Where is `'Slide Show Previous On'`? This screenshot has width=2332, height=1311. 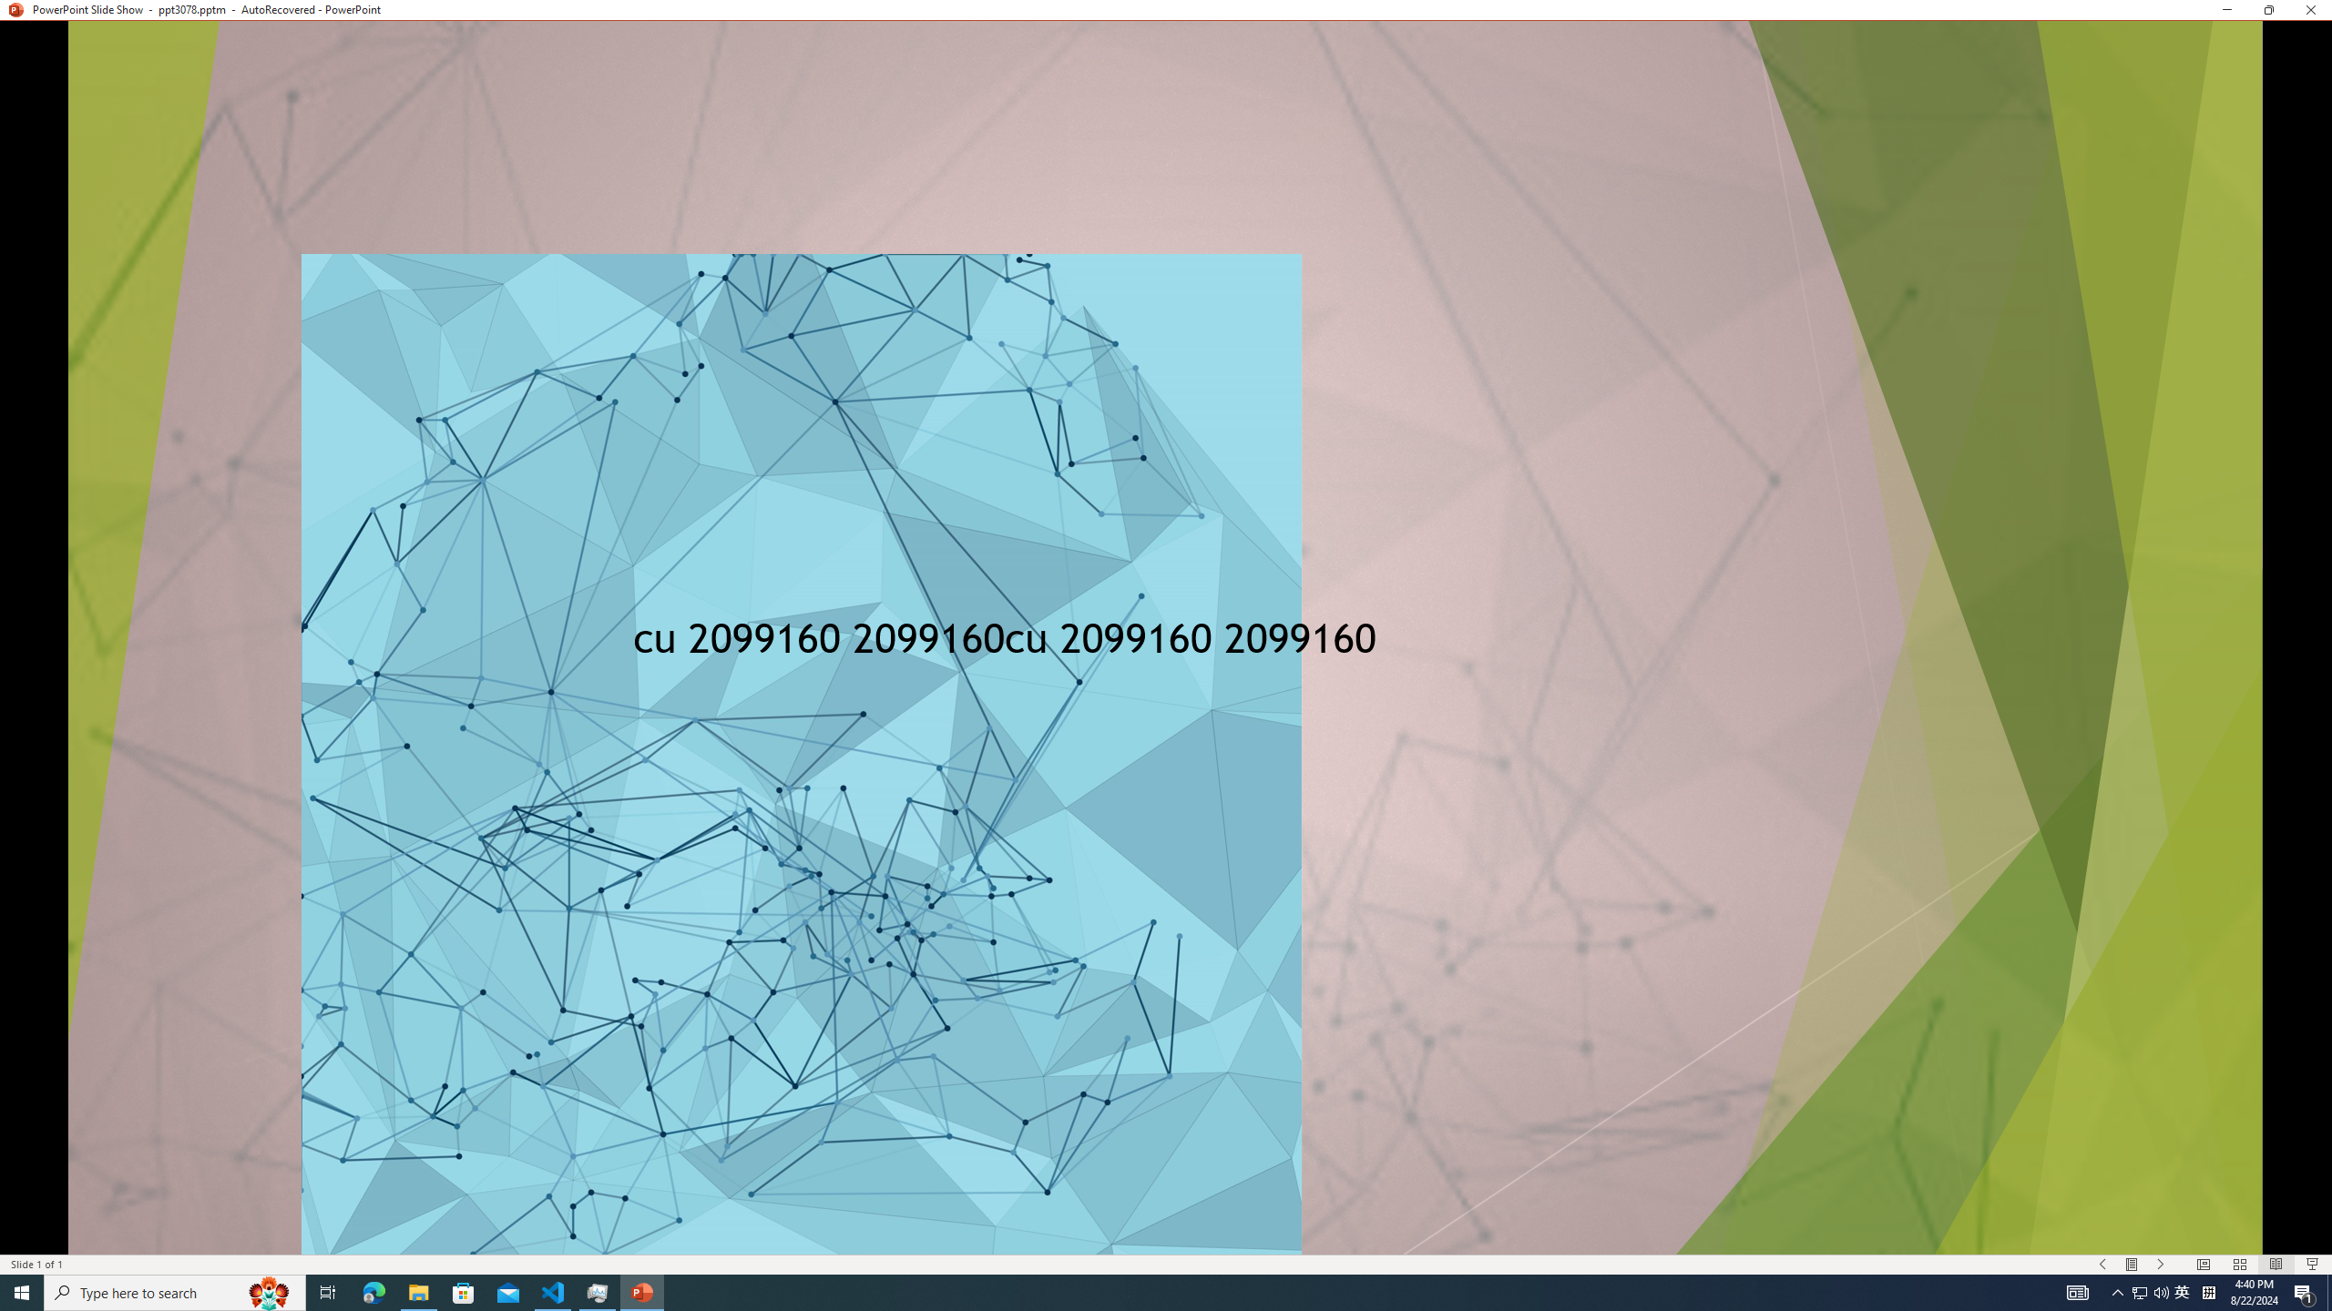 'Slide Show Previous On' is located at coordinates (2102, 1265).